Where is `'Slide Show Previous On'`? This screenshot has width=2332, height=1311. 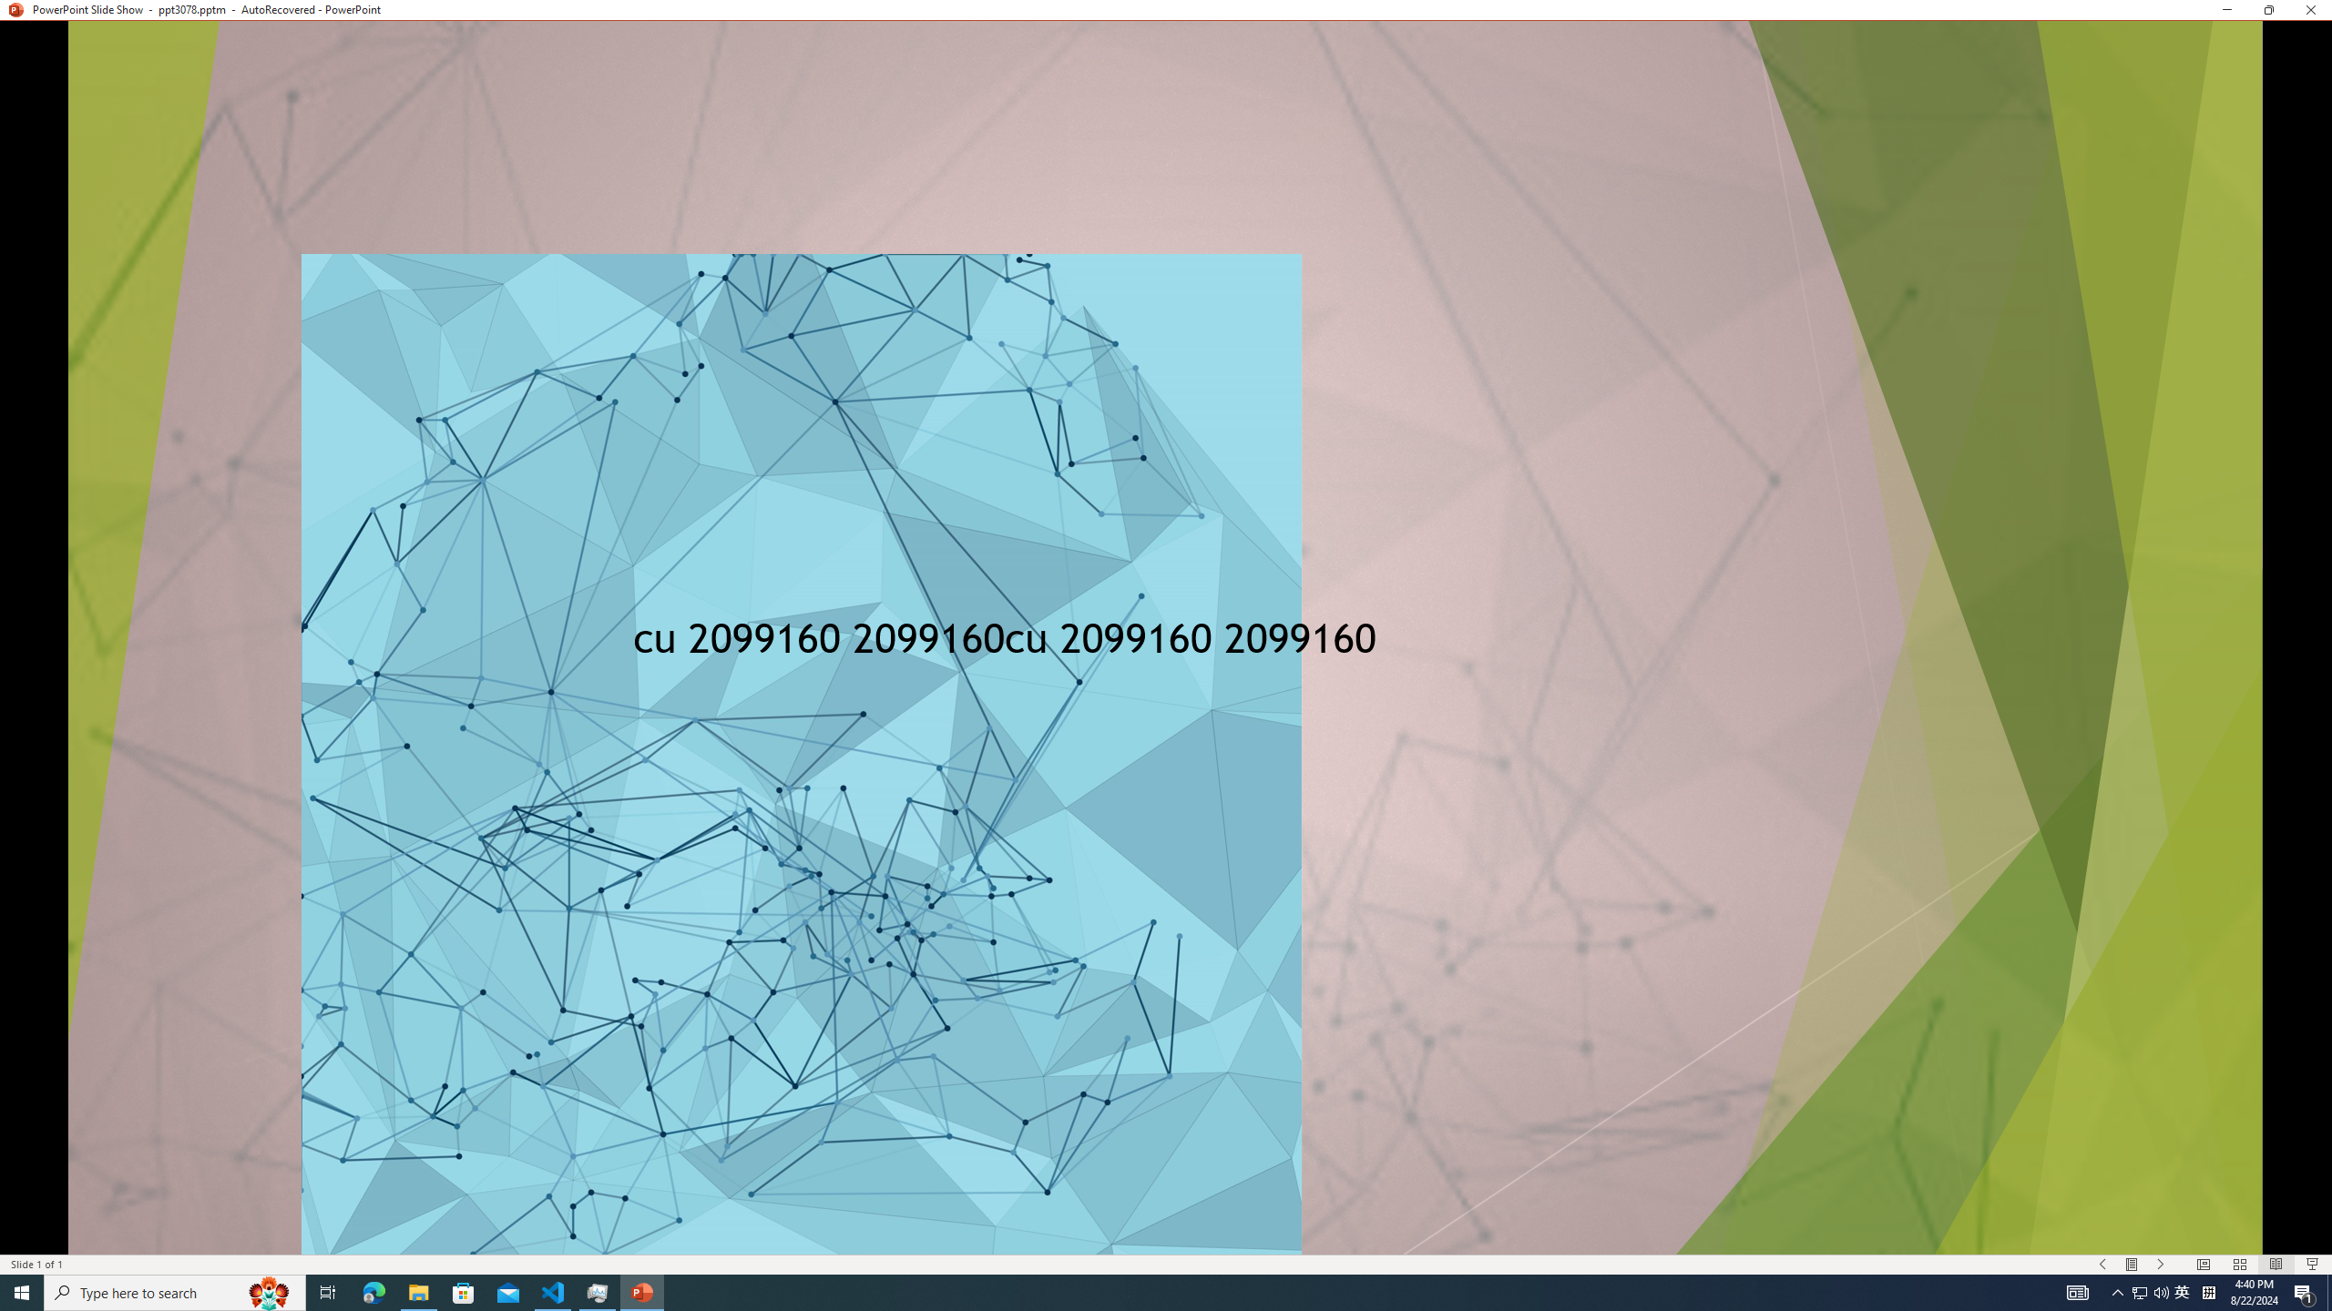 'Slide Show Previous On' is located at coordinates (2102, 1265).